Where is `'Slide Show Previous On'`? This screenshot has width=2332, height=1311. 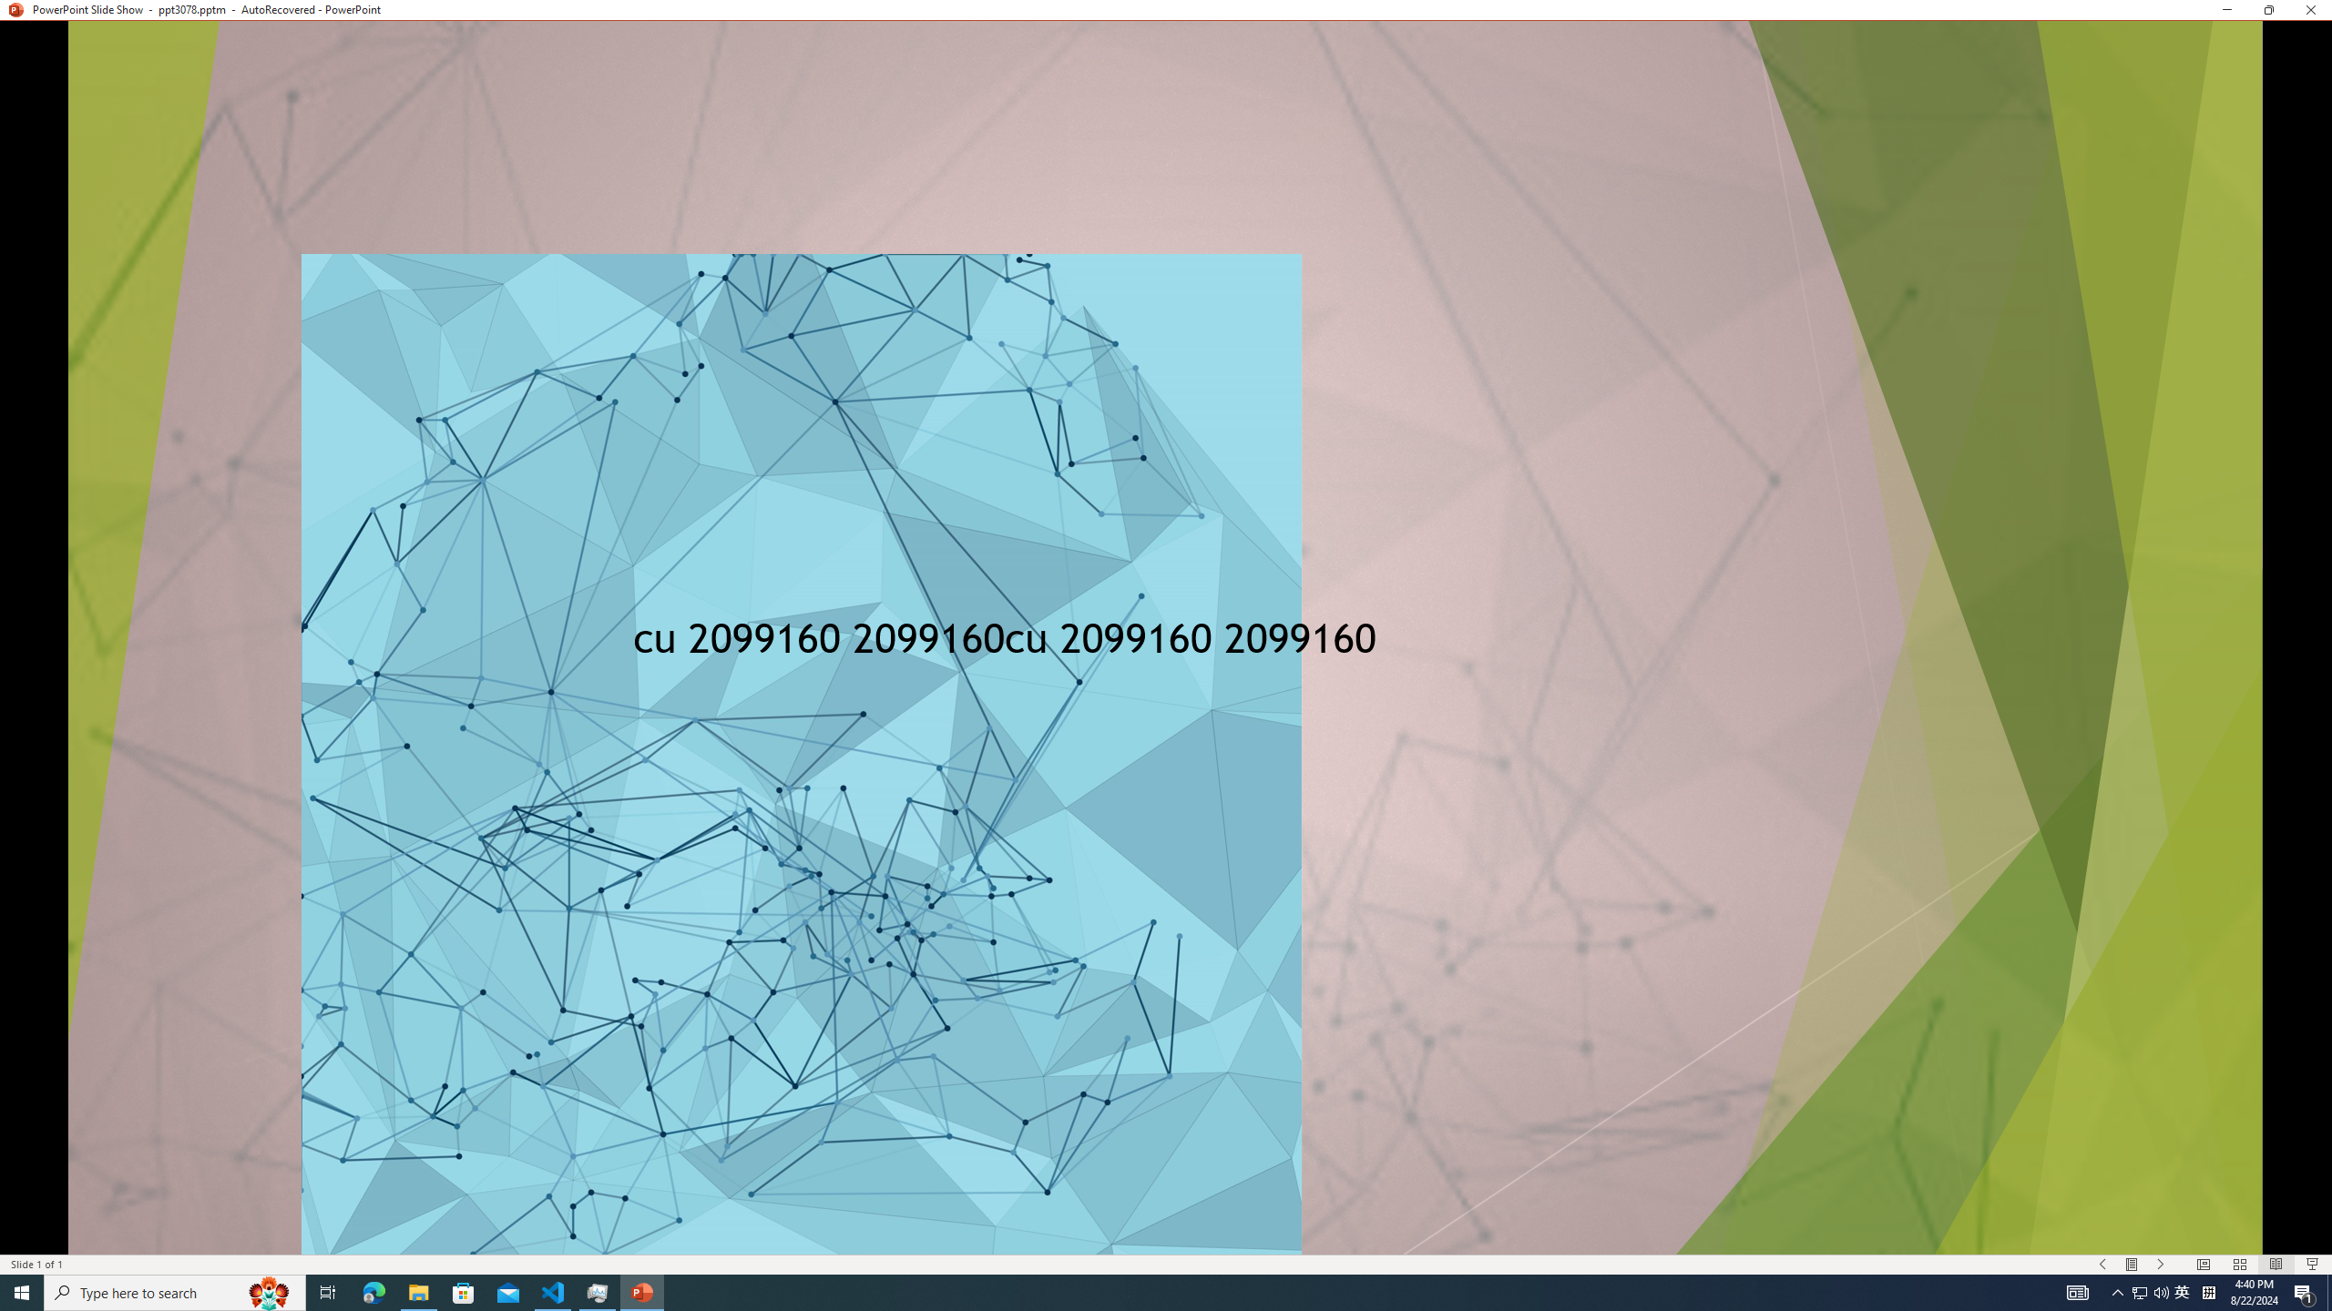 'Slide Show Previous On' is located at coordinates (2102, 1265).